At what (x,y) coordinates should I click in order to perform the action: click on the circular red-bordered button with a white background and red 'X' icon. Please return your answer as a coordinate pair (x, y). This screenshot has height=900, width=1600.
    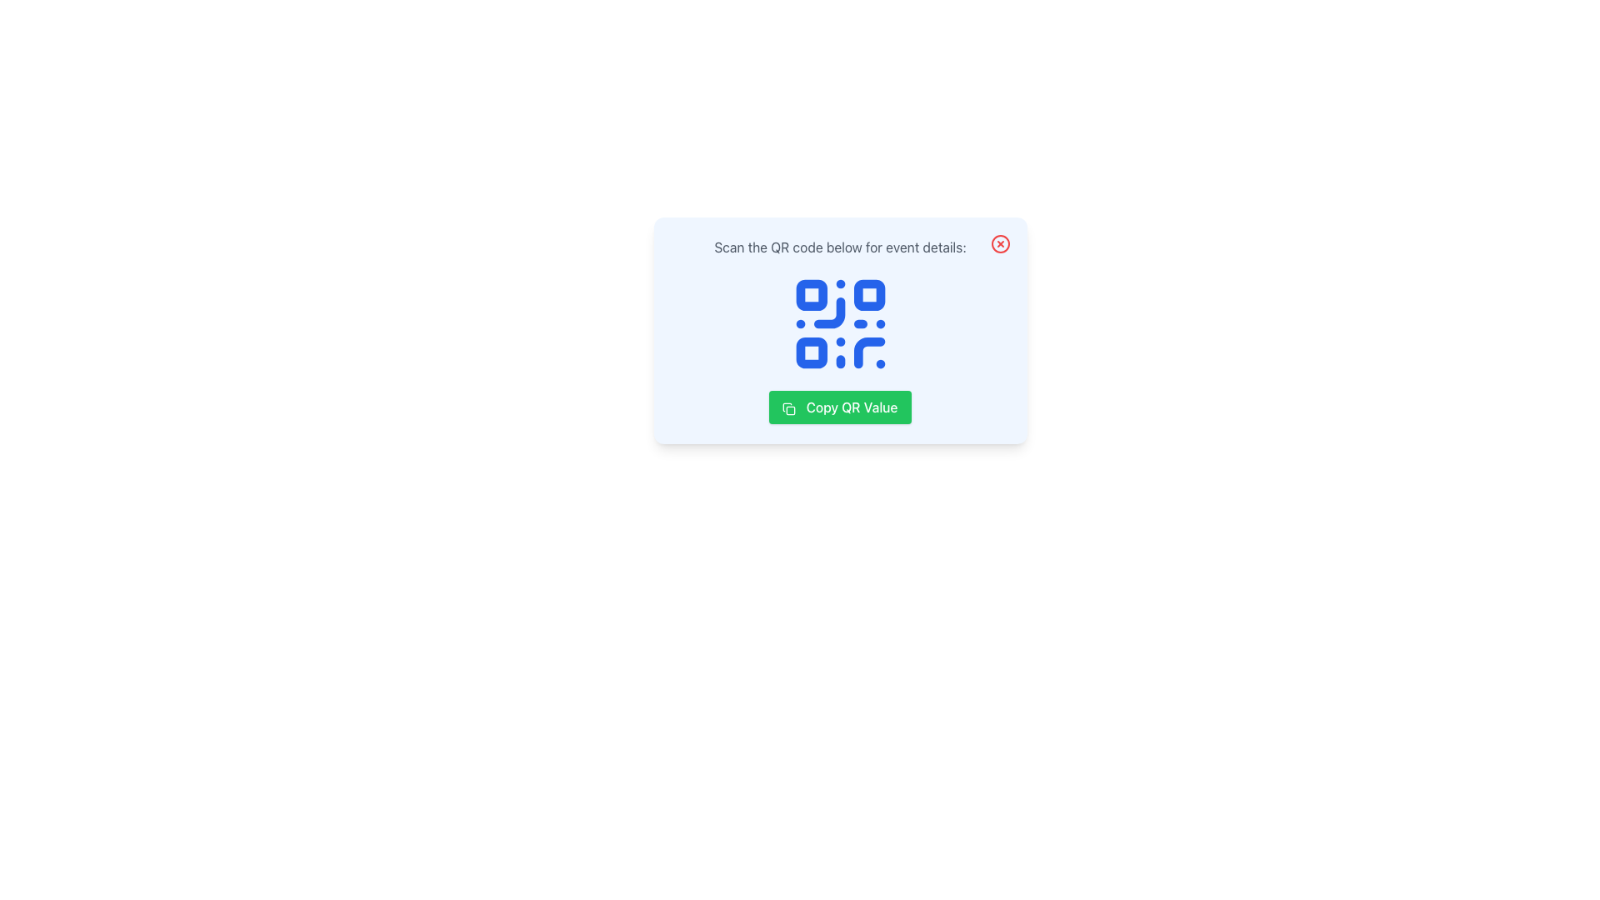
    Looking at the image, I should click on (1000, 244).